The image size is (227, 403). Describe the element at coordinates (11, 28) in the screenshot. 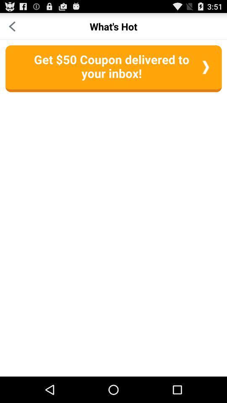

I see `the arrow_backward icon` at that location.